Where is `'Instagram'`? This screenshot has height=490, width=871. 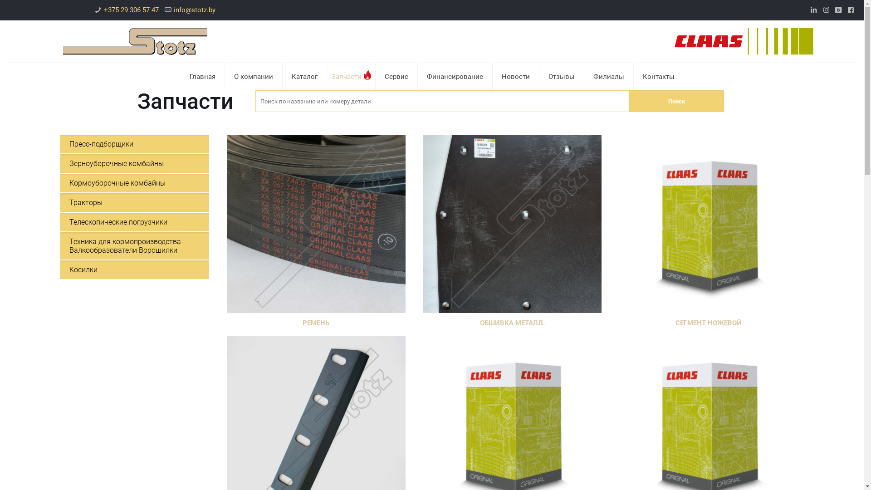 'Instagram' is located at coordinates (826, 10).